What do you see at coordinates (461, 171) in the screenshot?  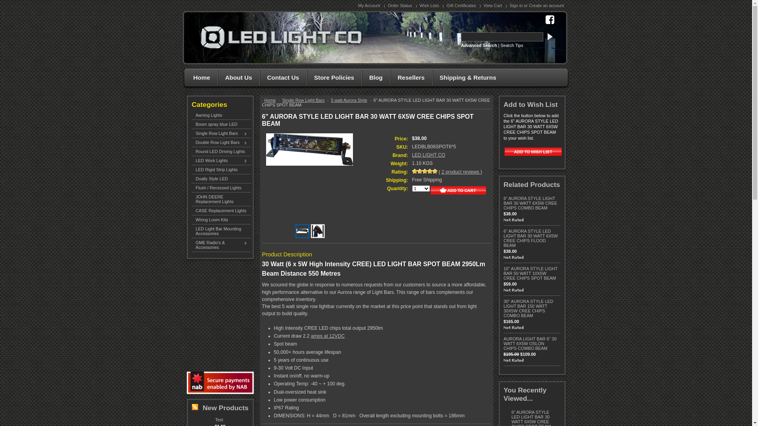 I see `'2 product reviews'` at bounding box center [461, 171].